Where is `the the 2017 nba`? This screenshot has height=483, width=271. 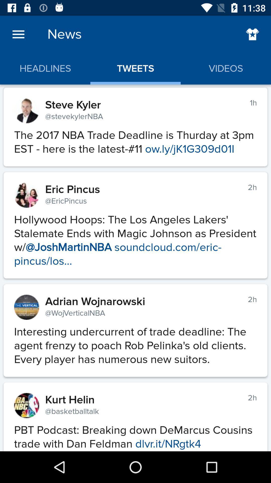
the the 2017 nba is located at coordinates (135, 139).